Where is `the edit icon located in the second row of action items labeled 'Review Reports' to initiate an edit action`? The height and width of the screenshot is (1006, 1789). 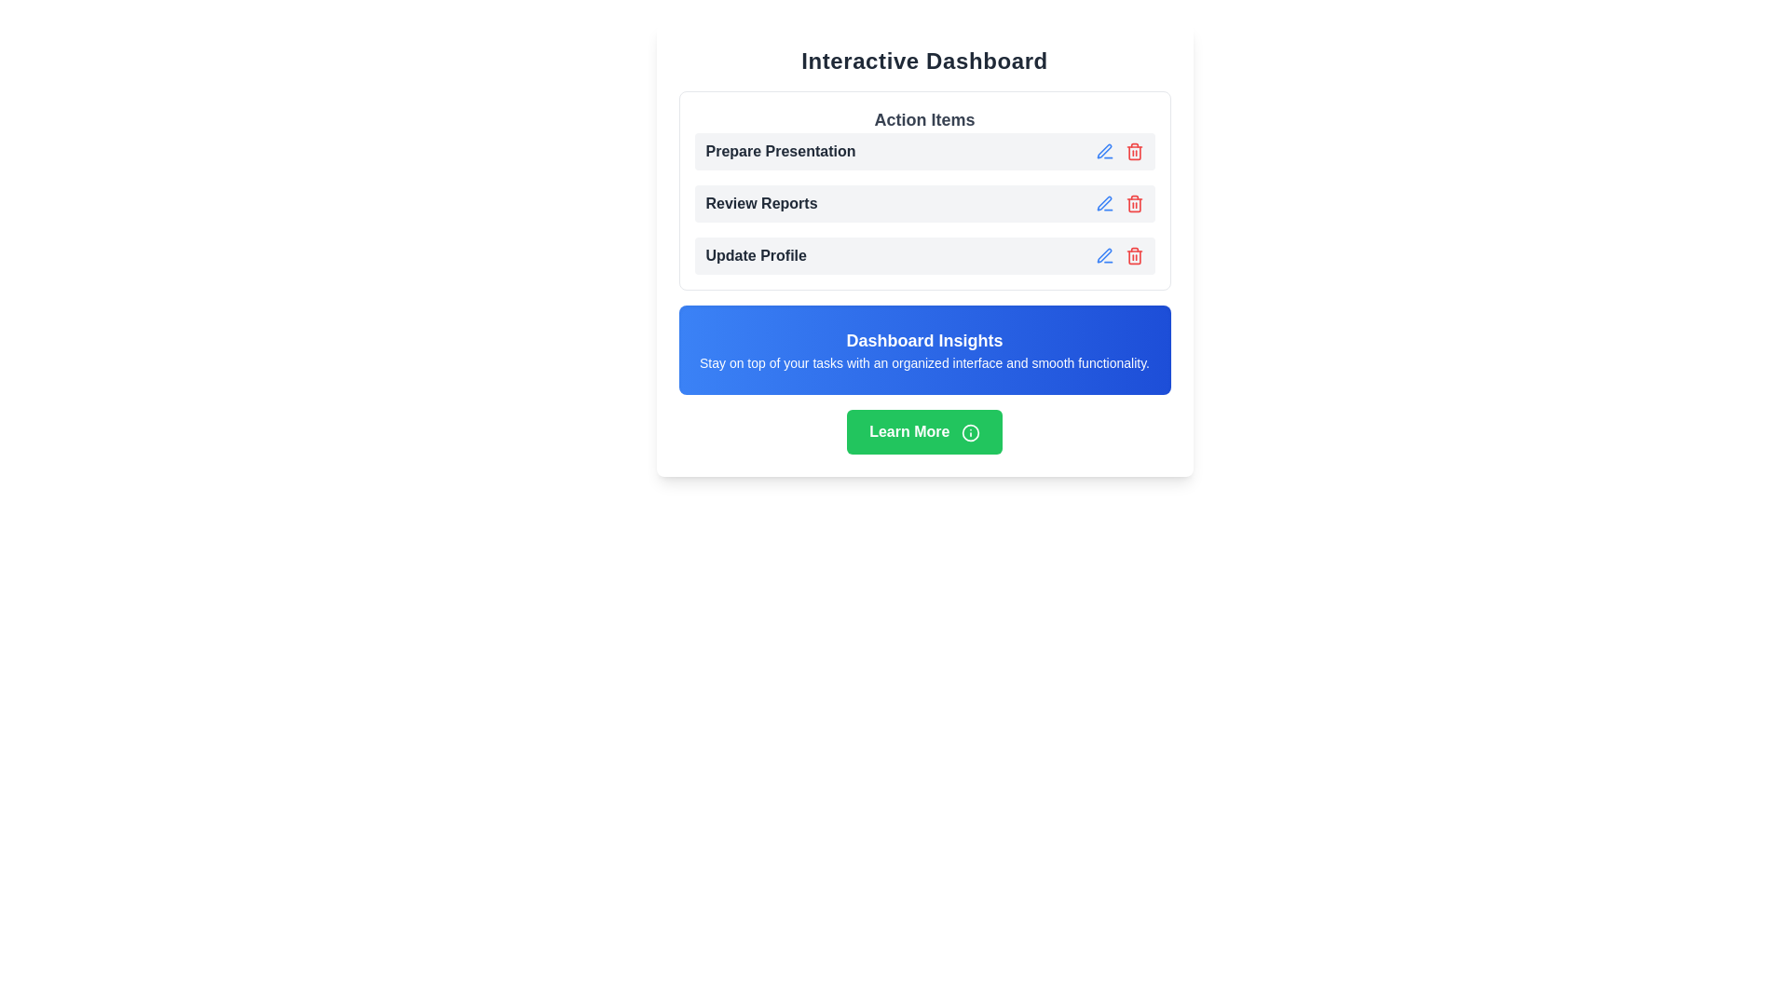
the edit icon located in the second row of action items labeled 'Review Reports' to initiate an edit action is located at coordinates (1104, 203).